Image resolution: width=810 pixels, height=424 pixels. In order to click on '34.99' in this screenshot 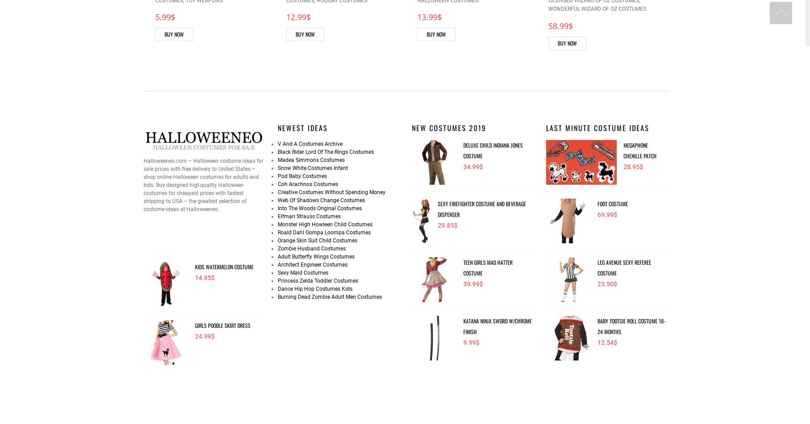, I will do `click(471, 165)`.